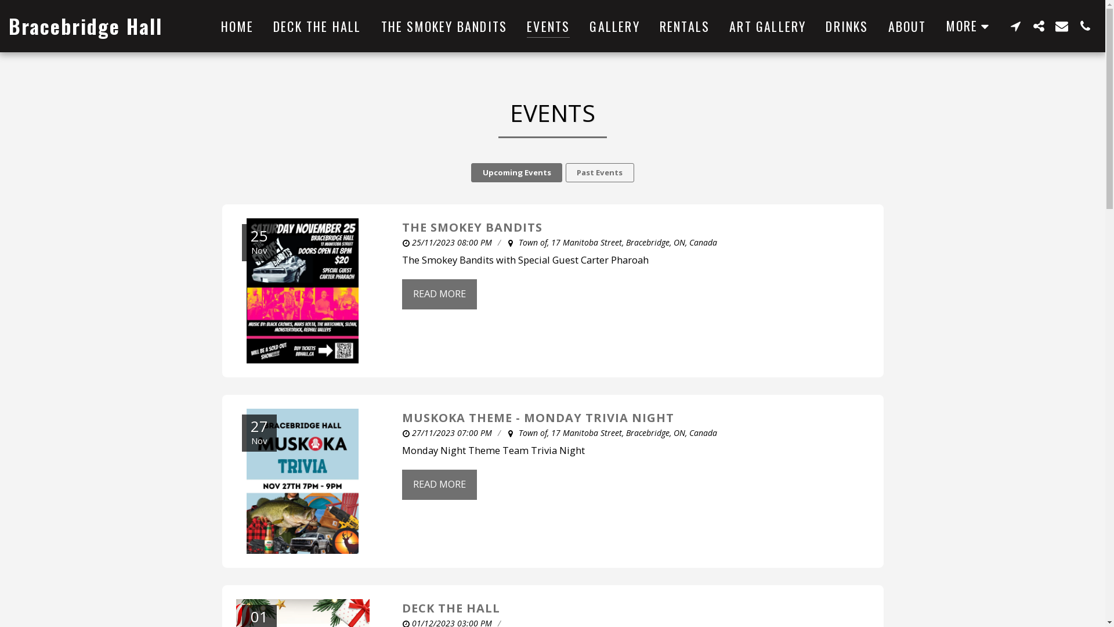 This screenshot has height=627, width=1114. Describe the element at coordinates (438, 293) in the screenshot. I see `'READ MORE'` at that location.